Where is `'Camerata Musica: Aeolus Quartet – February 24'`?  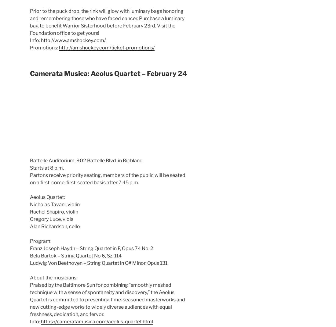 'Camerata Musica: Aeolus Quartet – February 24' is located at coordinates (30, 73).